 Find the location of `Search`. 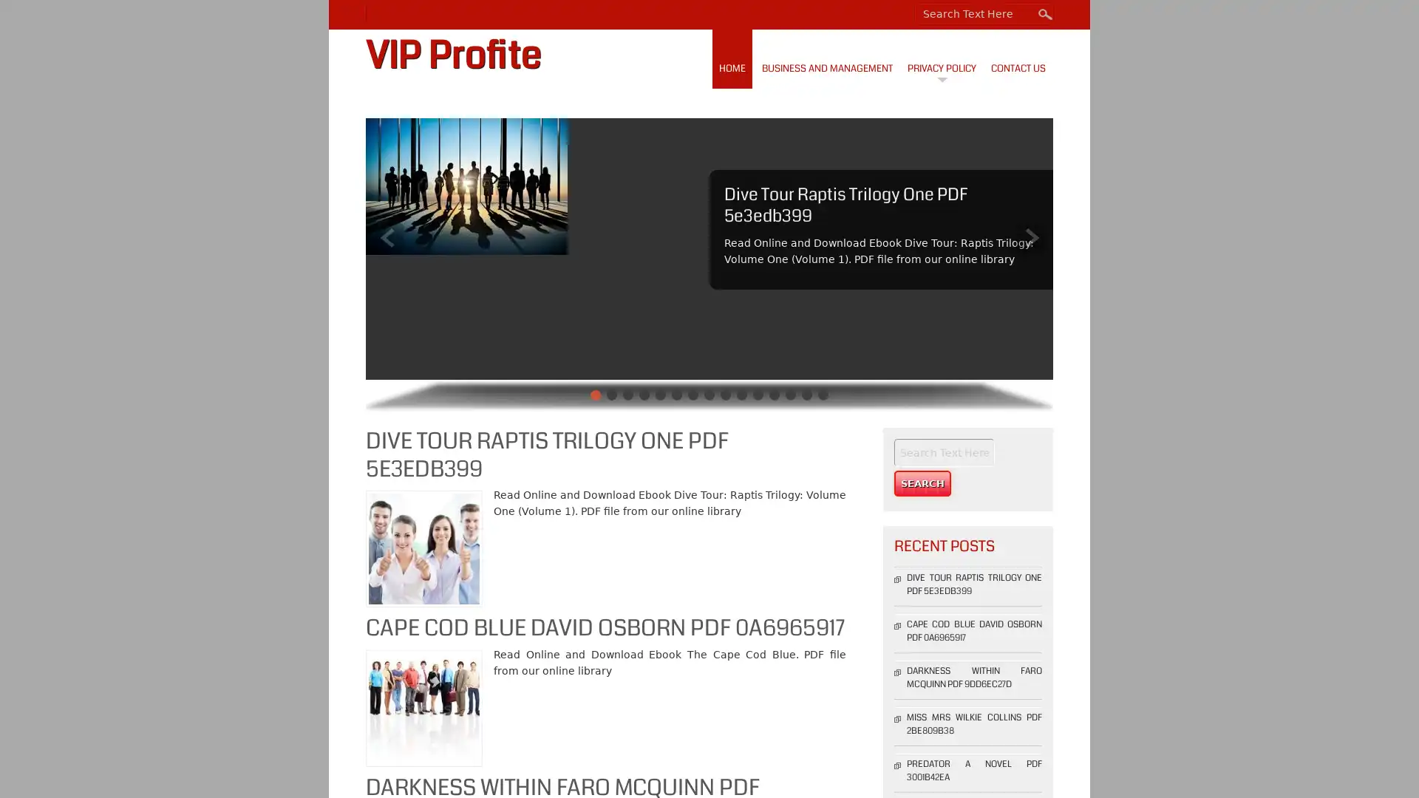

Search is located at coordinates (922, 483).